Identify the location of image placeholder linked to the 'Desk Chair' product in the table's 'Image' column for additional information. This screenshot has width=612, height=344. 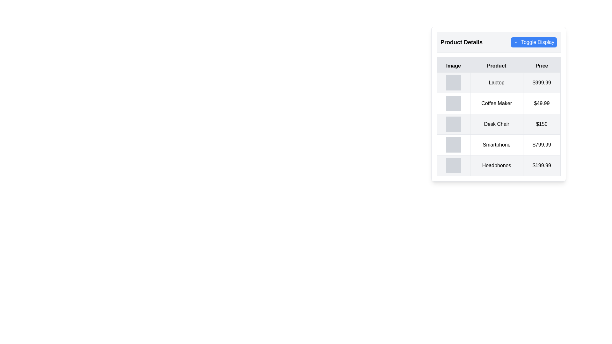
(453, 124).